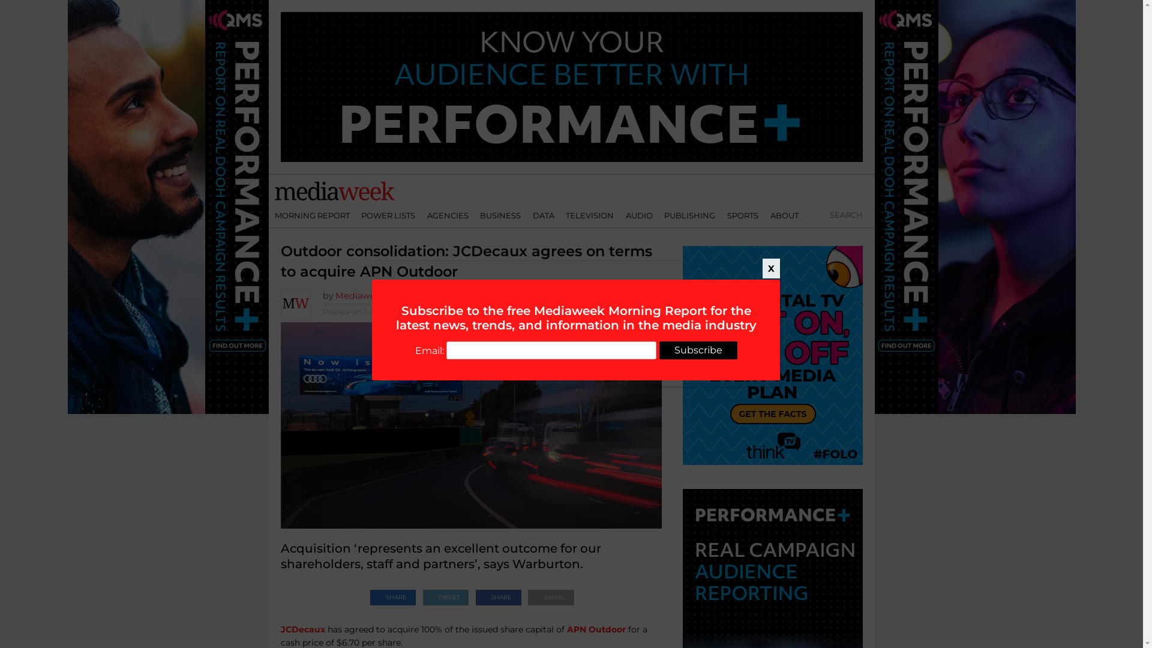  What do you see at coordinates (500, 214) in the screenshot?
I see `'BUSINESS'` at bounding box center [500, 214].